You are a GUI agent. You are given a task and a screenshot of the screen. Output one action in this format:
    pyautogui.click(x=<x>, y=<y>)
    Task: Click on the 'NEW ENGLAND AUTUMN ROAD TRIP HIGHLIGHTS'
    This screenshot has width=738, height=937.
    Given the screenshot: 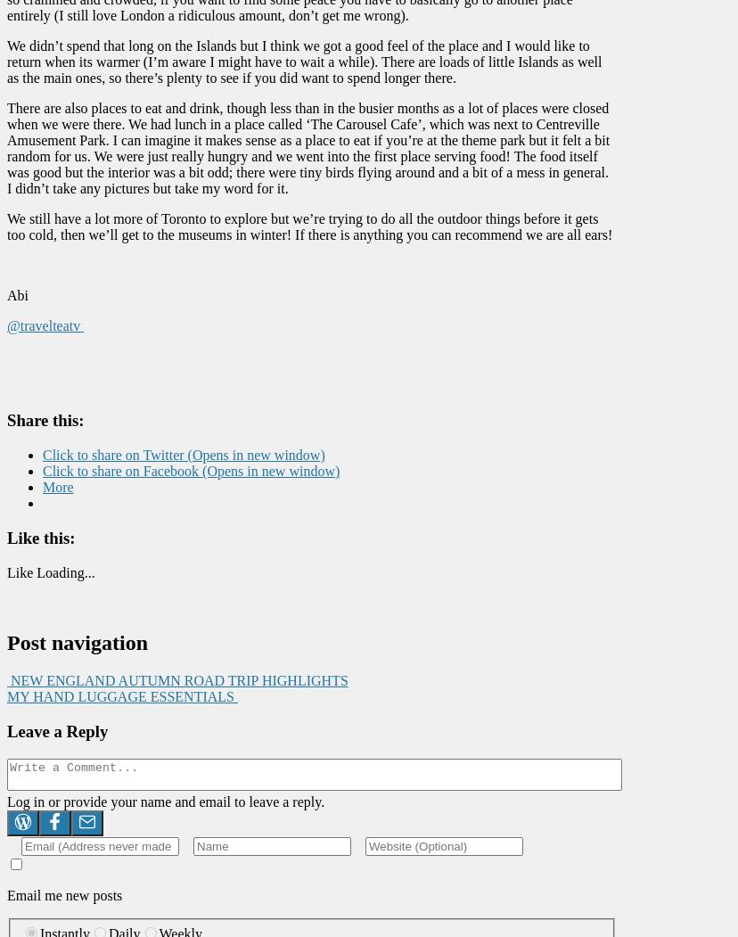 What is the action you would take?
    pyautogui.click(x=7, y=680)
    